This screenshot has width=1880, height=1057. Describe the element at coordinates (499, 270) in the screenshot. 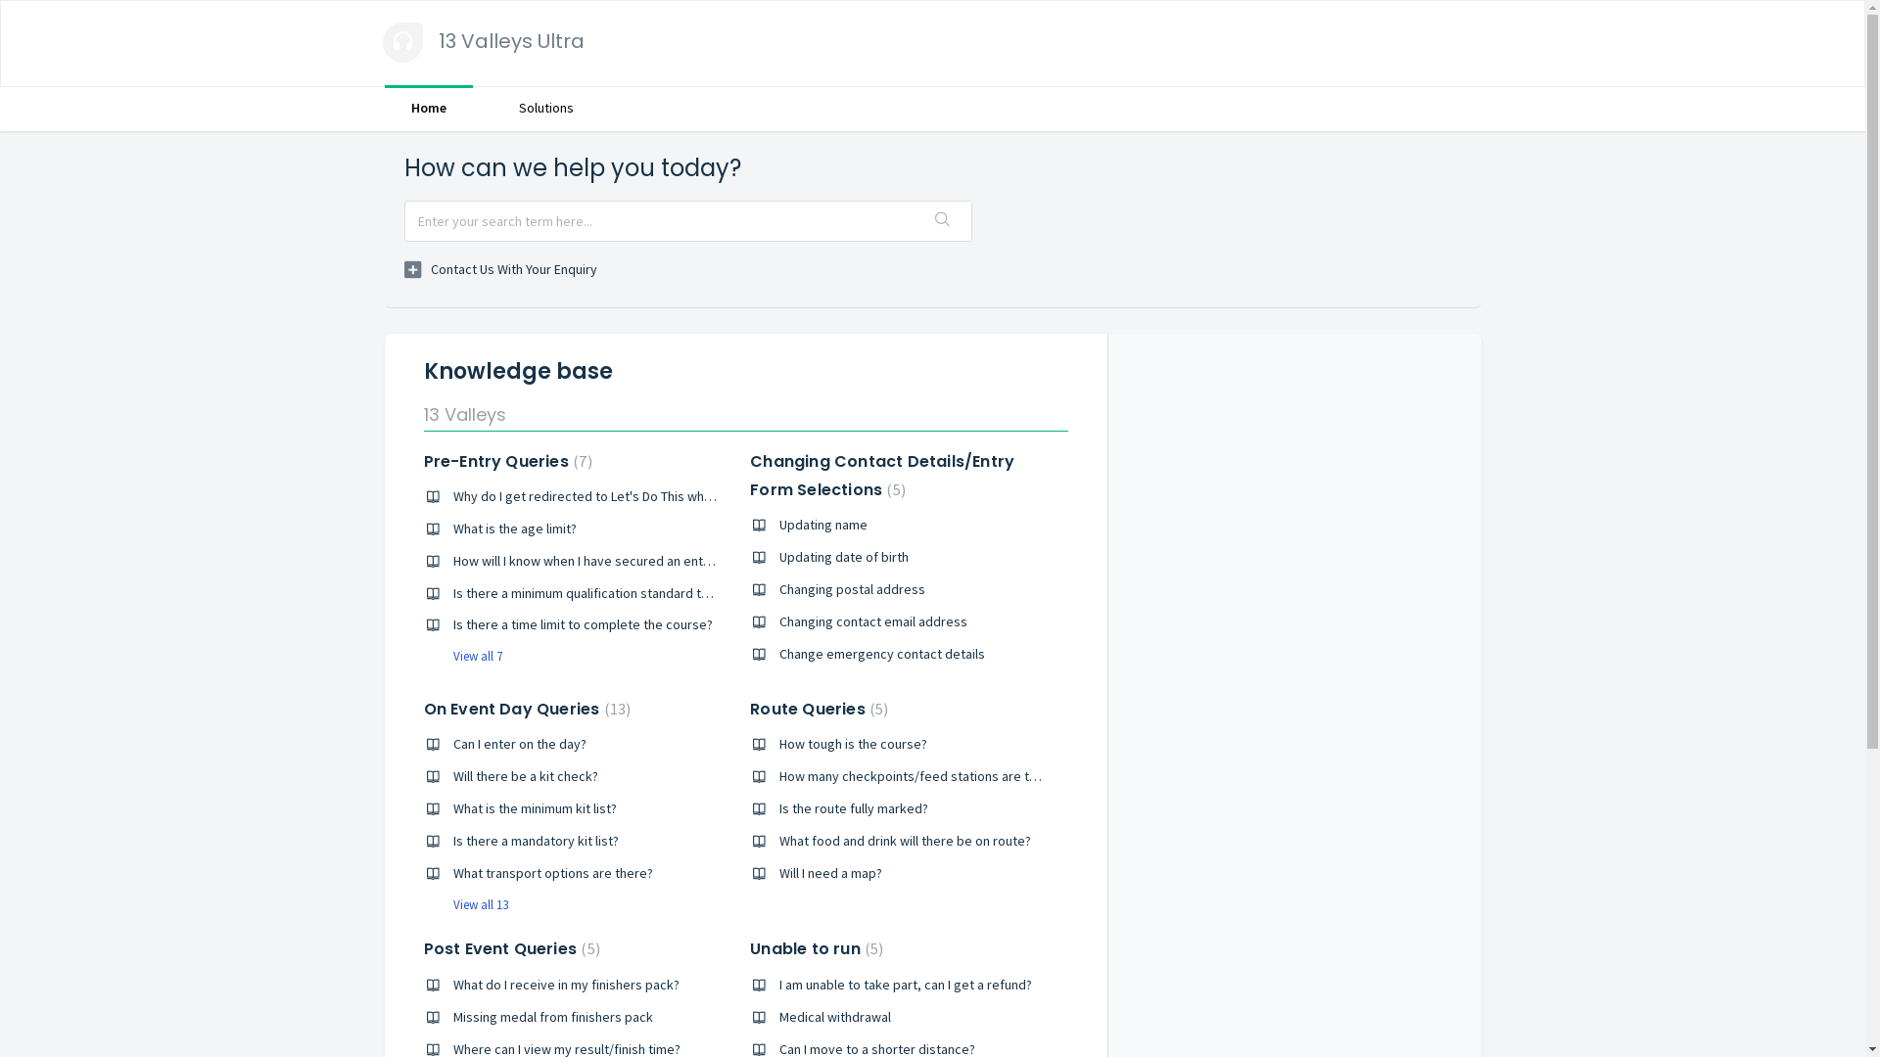

I see `'New support ticket'` at that location.